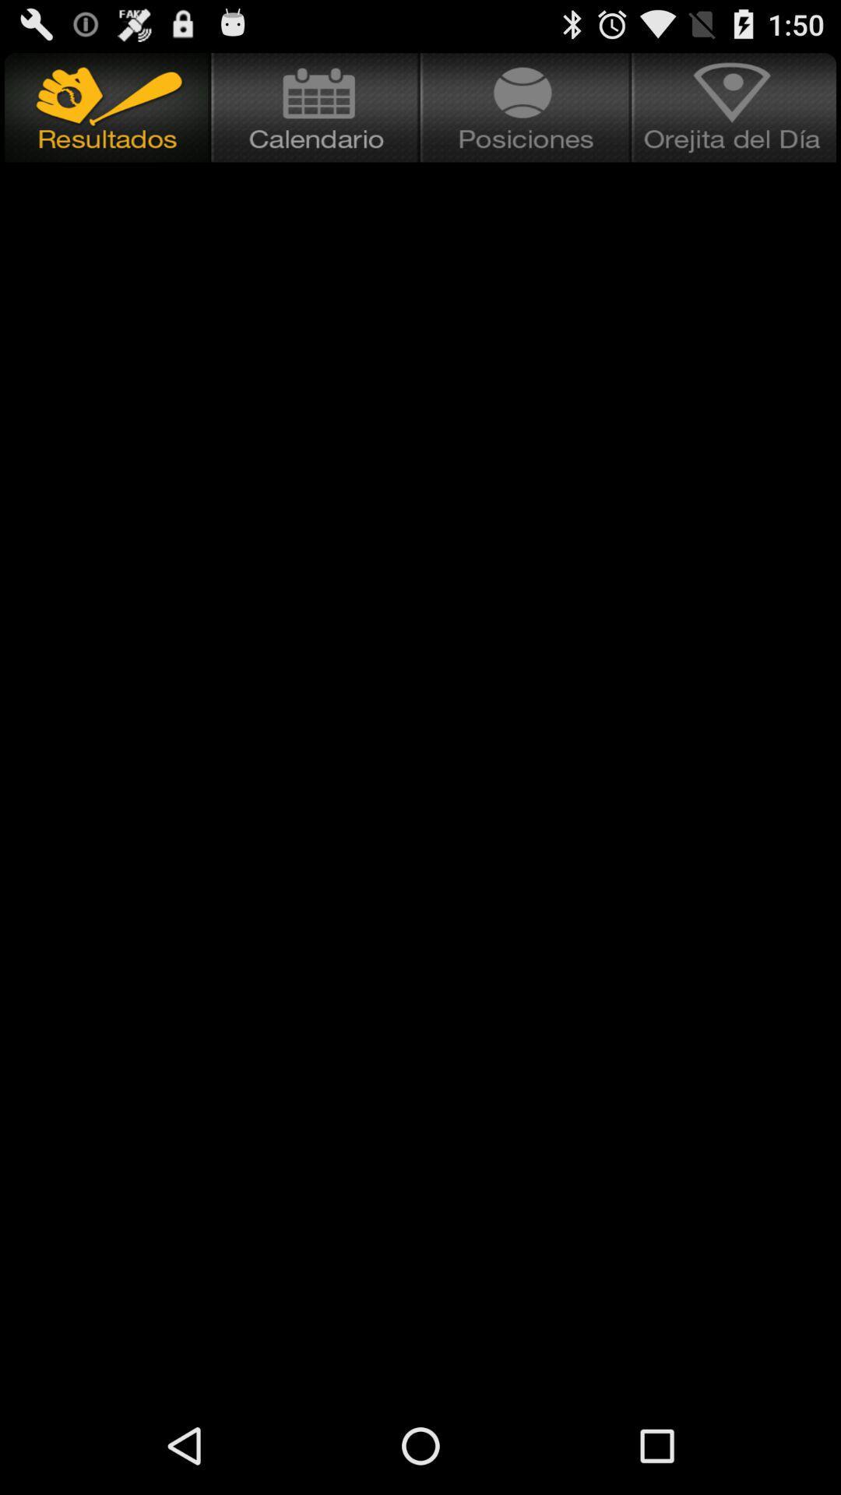  Describe the element at coordinates (420, 730) in the screenshot. I see `the icon at the center` at that location.